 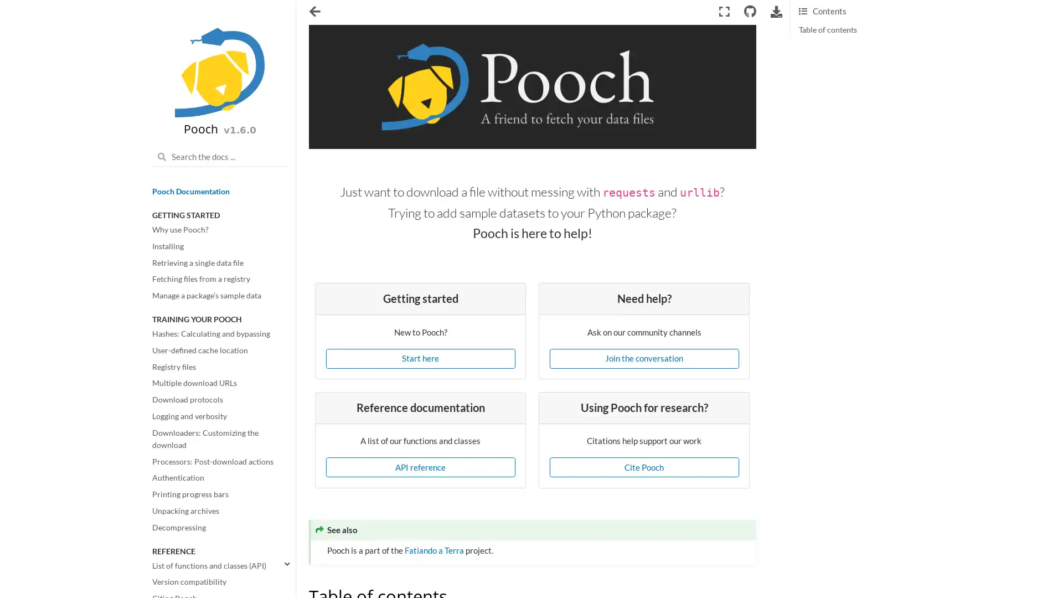 I want to click on Download this page, so click(x=776, y=11).